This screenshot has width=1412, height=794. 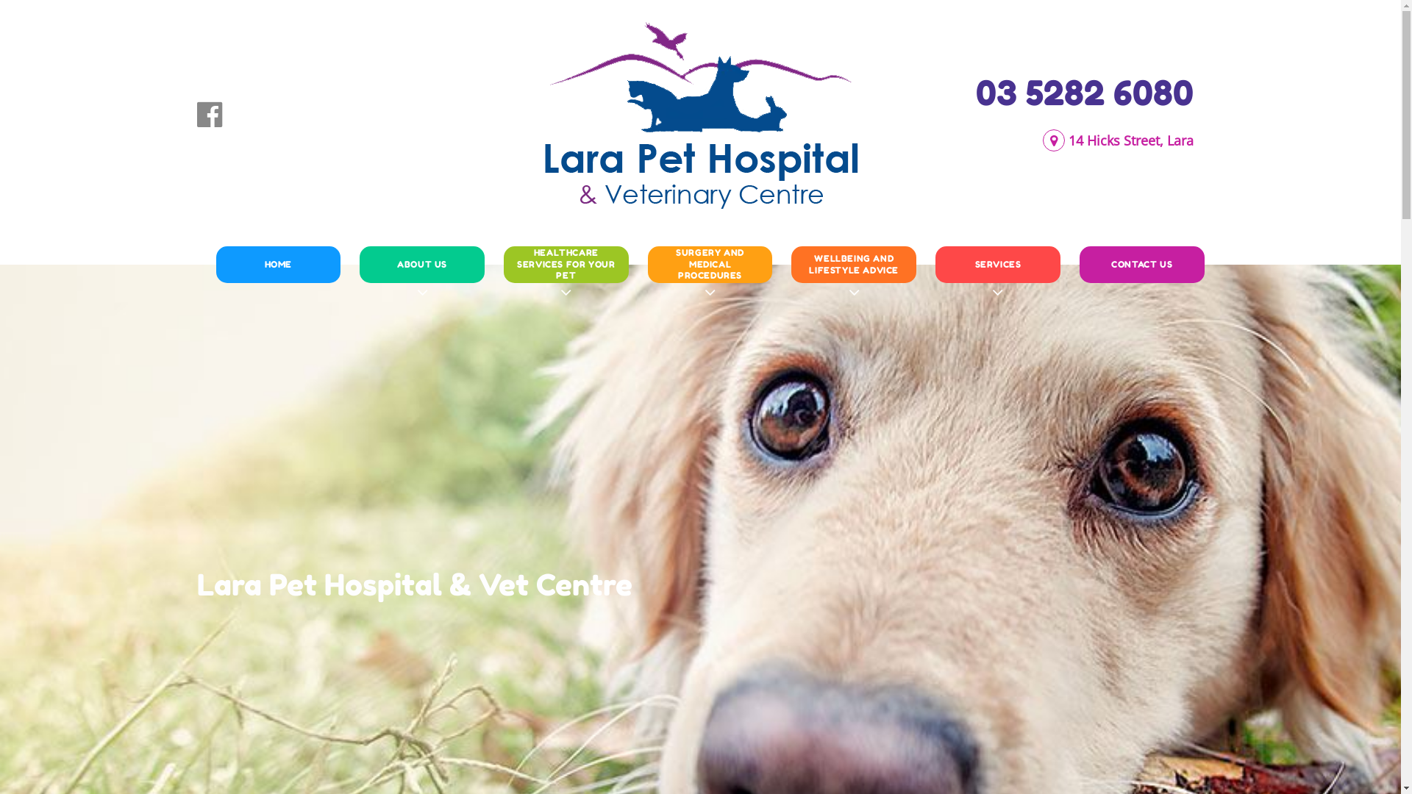 I want to click on 'SERVICES', so click(x=998, y=262).